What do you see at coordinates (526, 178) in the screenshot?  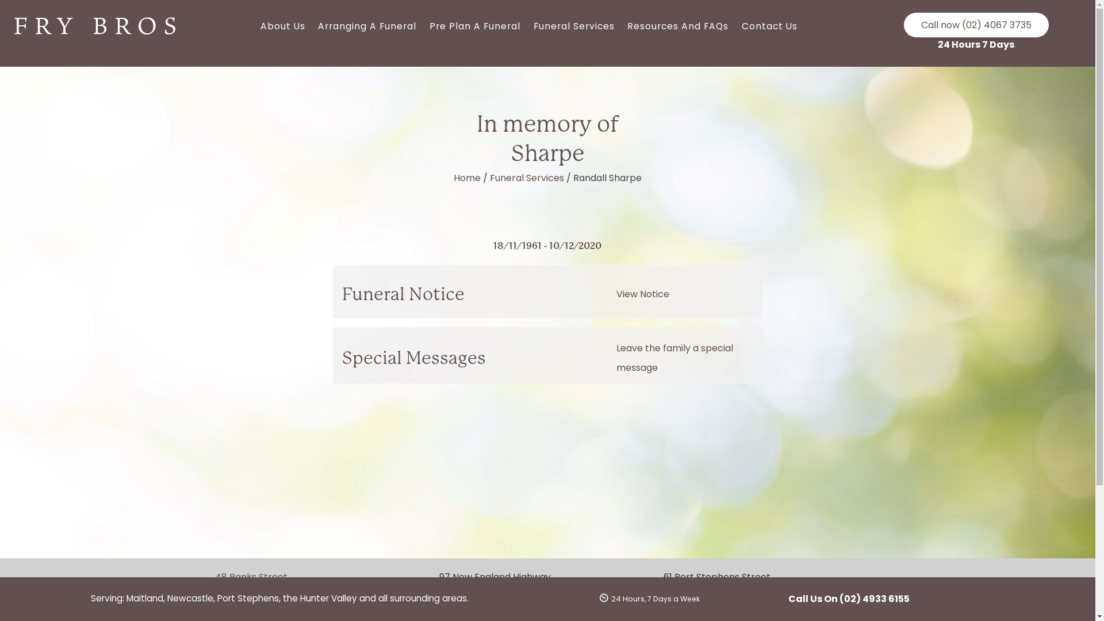 I see `'Funeral Services'` at bounding box center [526, 178].